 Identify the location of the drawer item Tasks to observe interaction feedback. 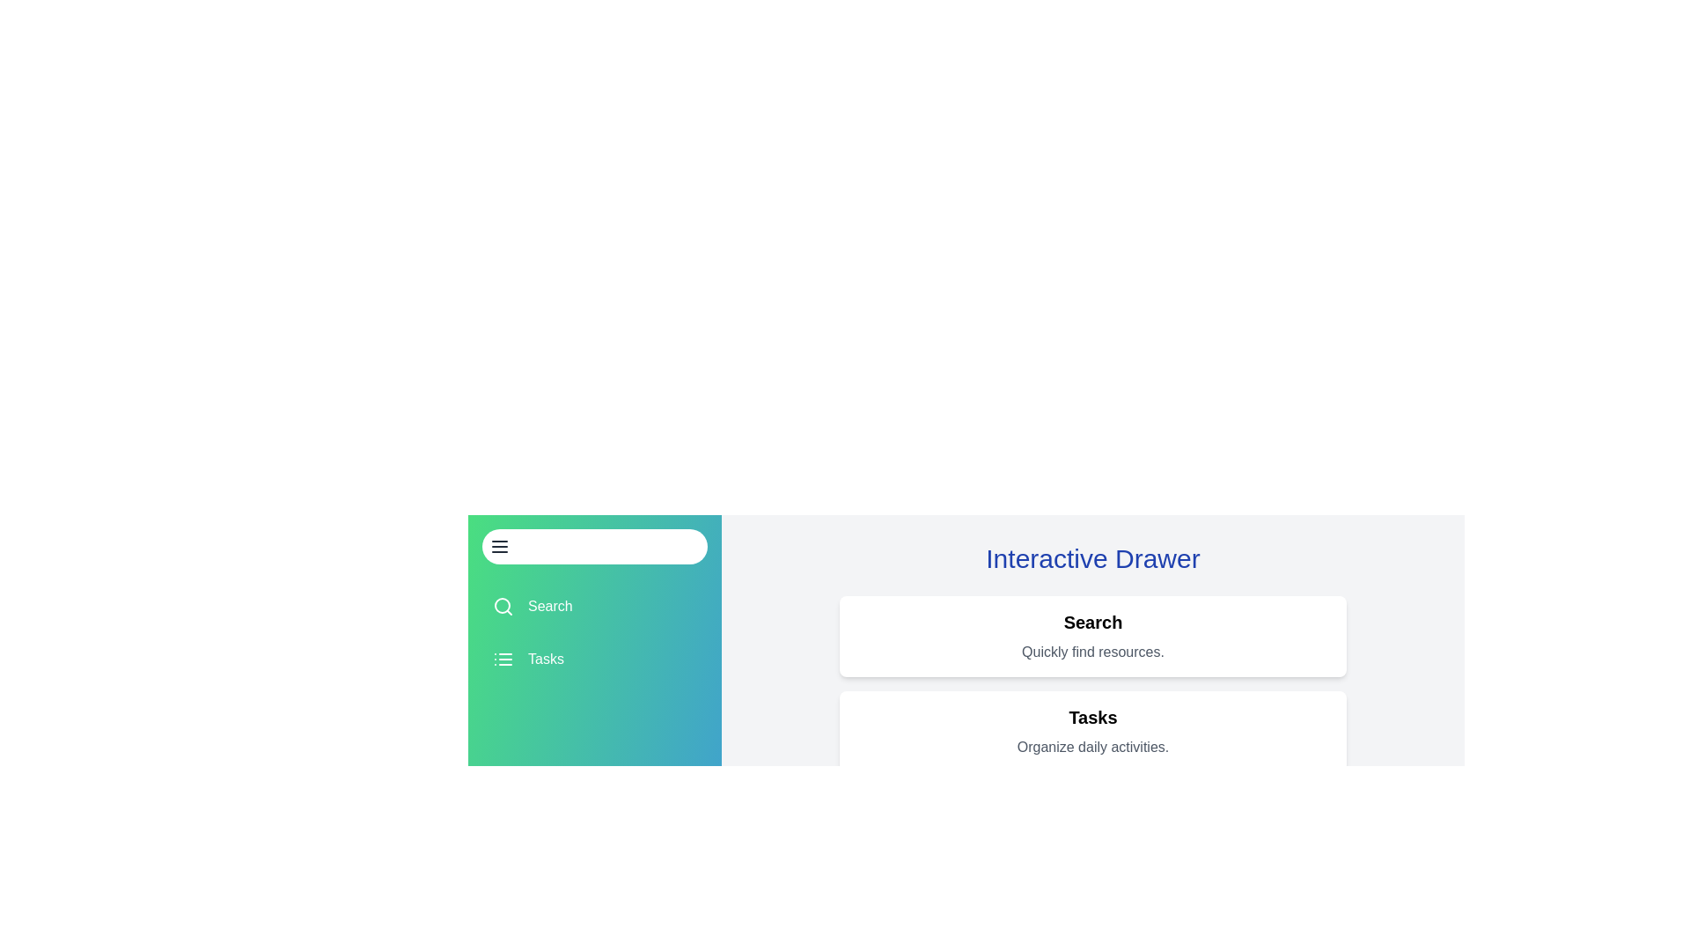
(595, 659).